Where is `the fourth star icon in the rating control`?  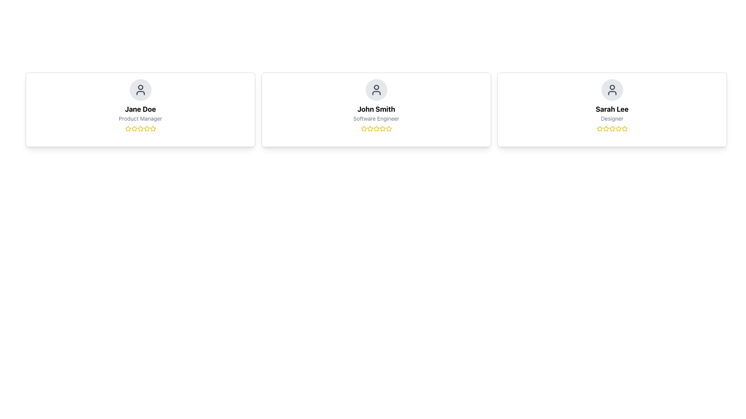 the fourth star icon in the rating control is located at coordinates (140, 128).